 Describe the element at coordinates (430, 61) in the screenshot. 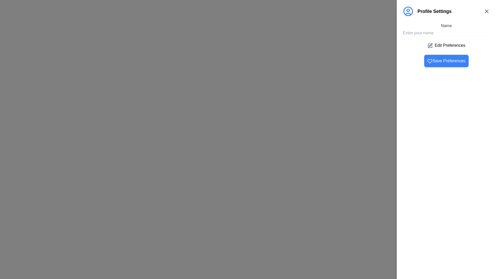

I see `the heart-shaped decorative icon within the 'Save Preferences' button, which is styled with a thin outline and positioned to the left of the text` at that location.